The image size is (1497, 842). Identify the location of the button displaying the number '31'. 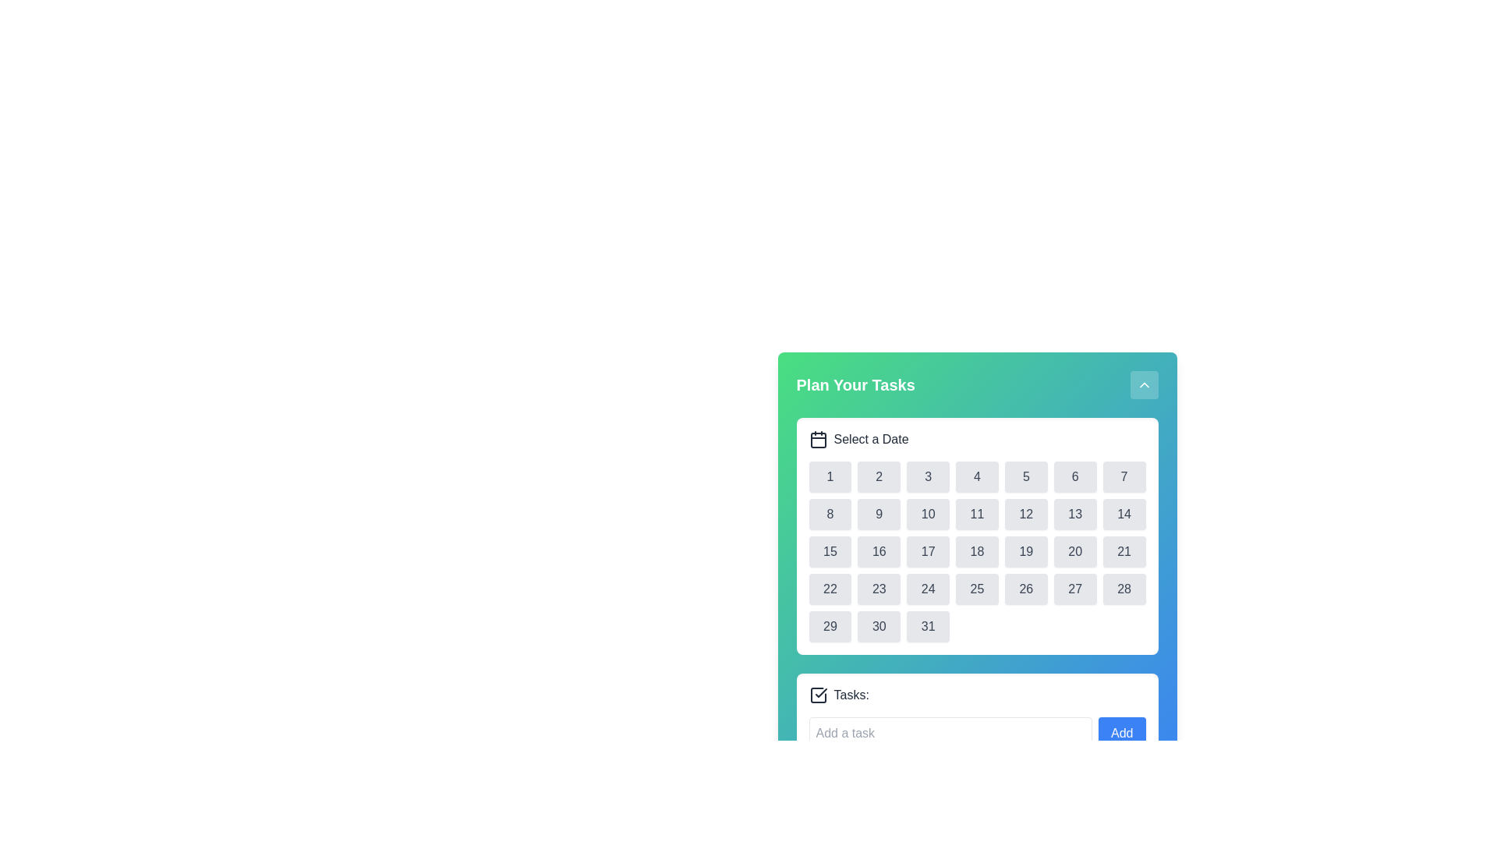
(928, 625).